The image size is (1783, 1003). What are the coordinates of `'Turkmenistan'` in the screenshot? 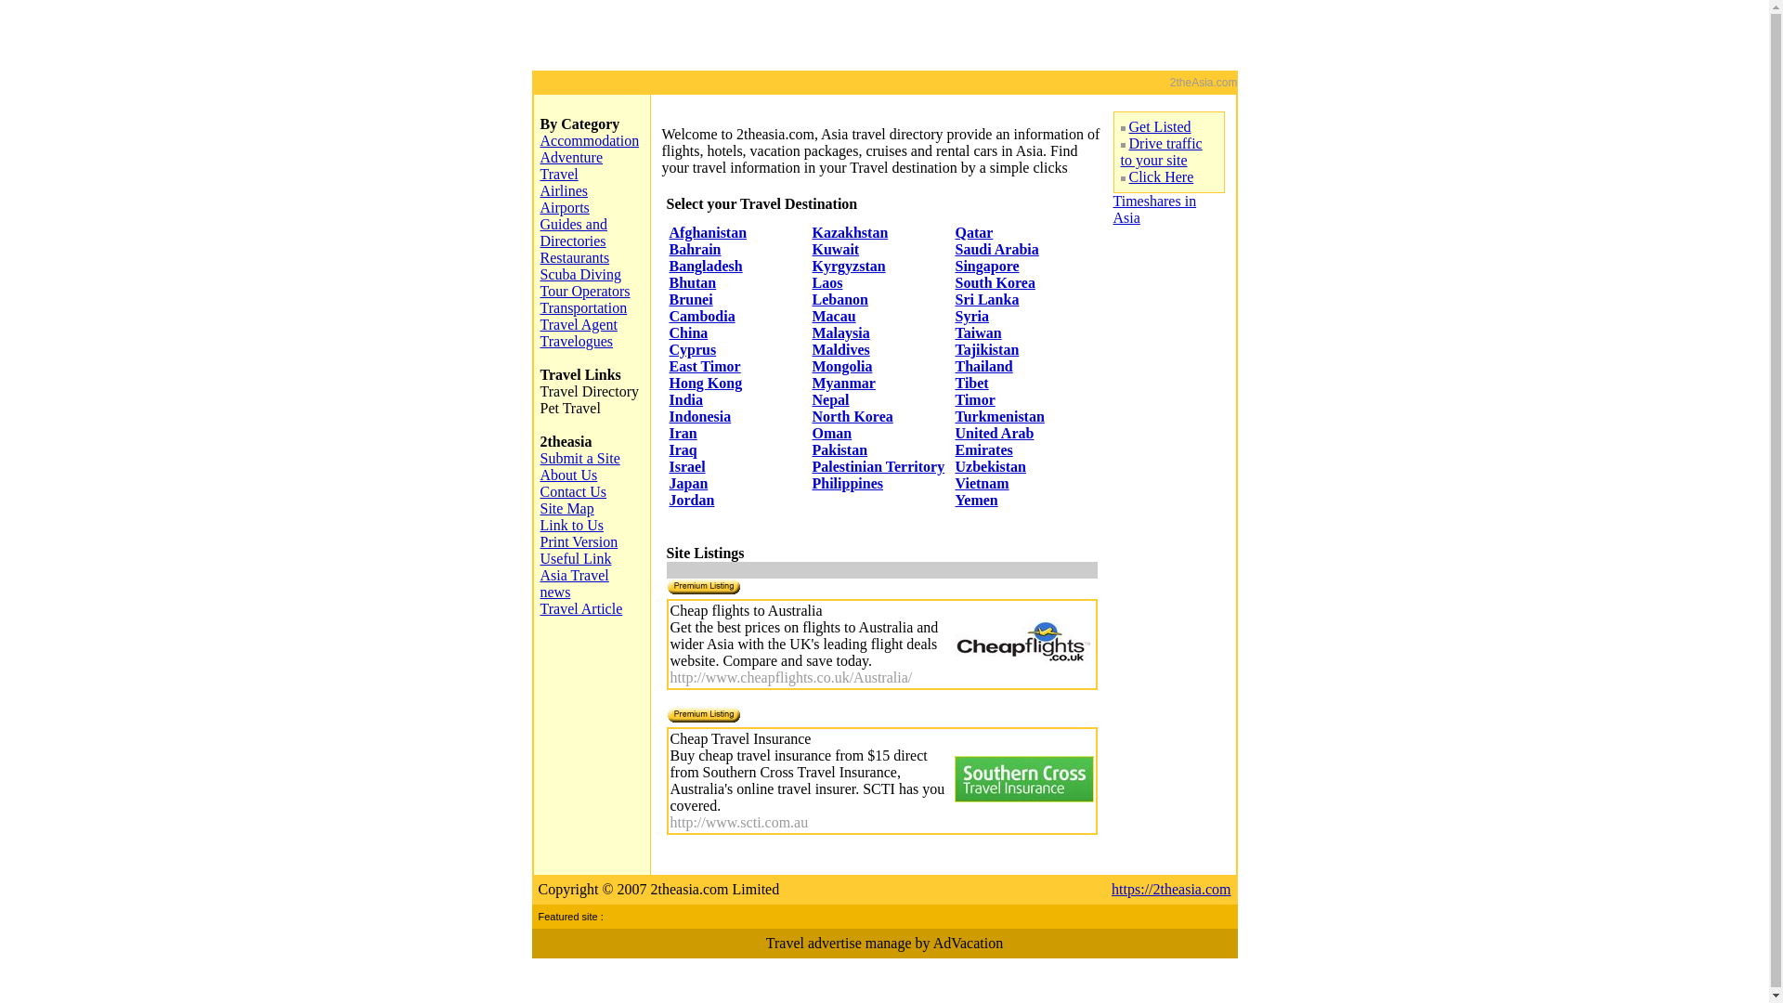 It's located at (997, 415).